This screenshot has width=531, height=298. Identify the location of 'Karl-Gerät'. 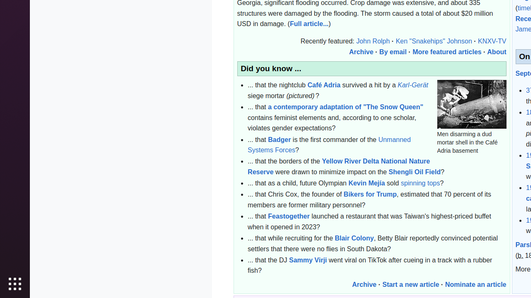
(413, 85).